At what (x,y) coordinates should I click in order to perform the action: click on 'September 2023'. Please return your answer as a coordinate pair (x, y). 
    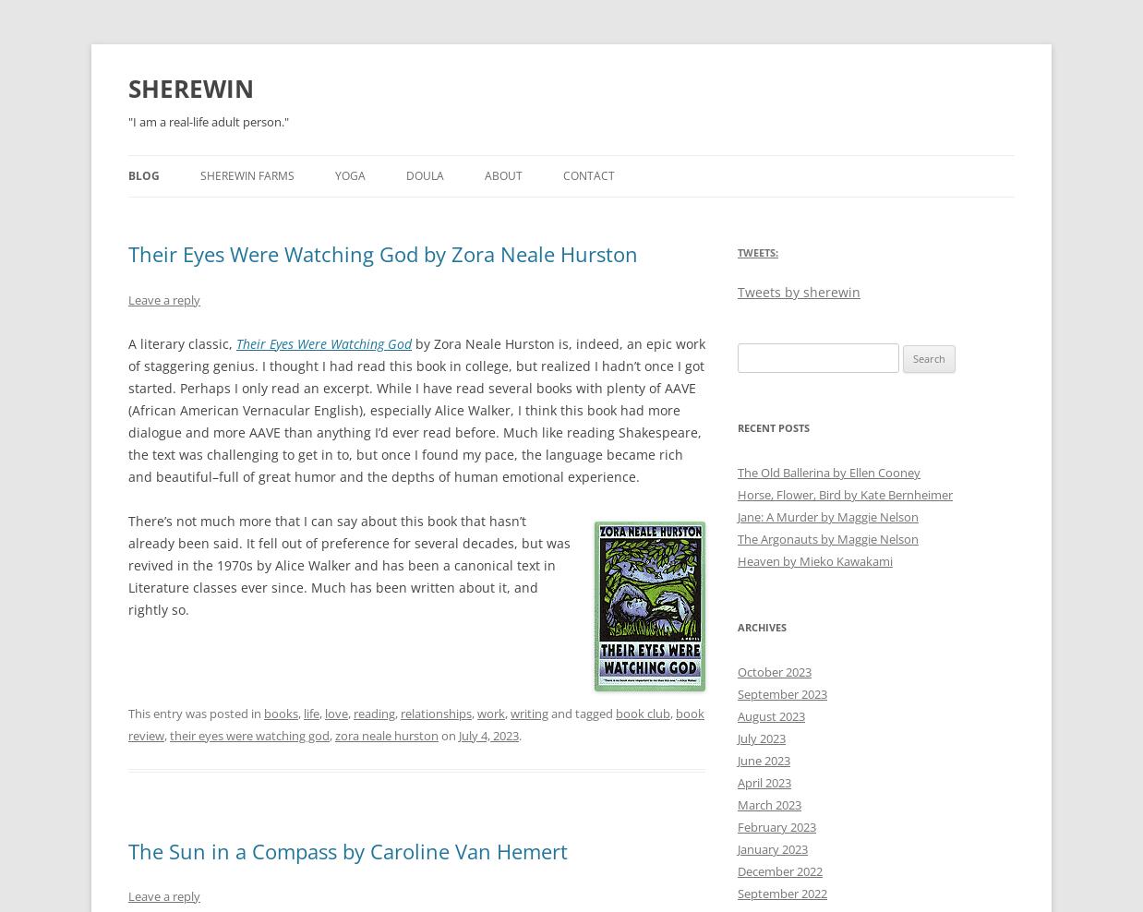
    Looking at the image, I should click on (781, 692).